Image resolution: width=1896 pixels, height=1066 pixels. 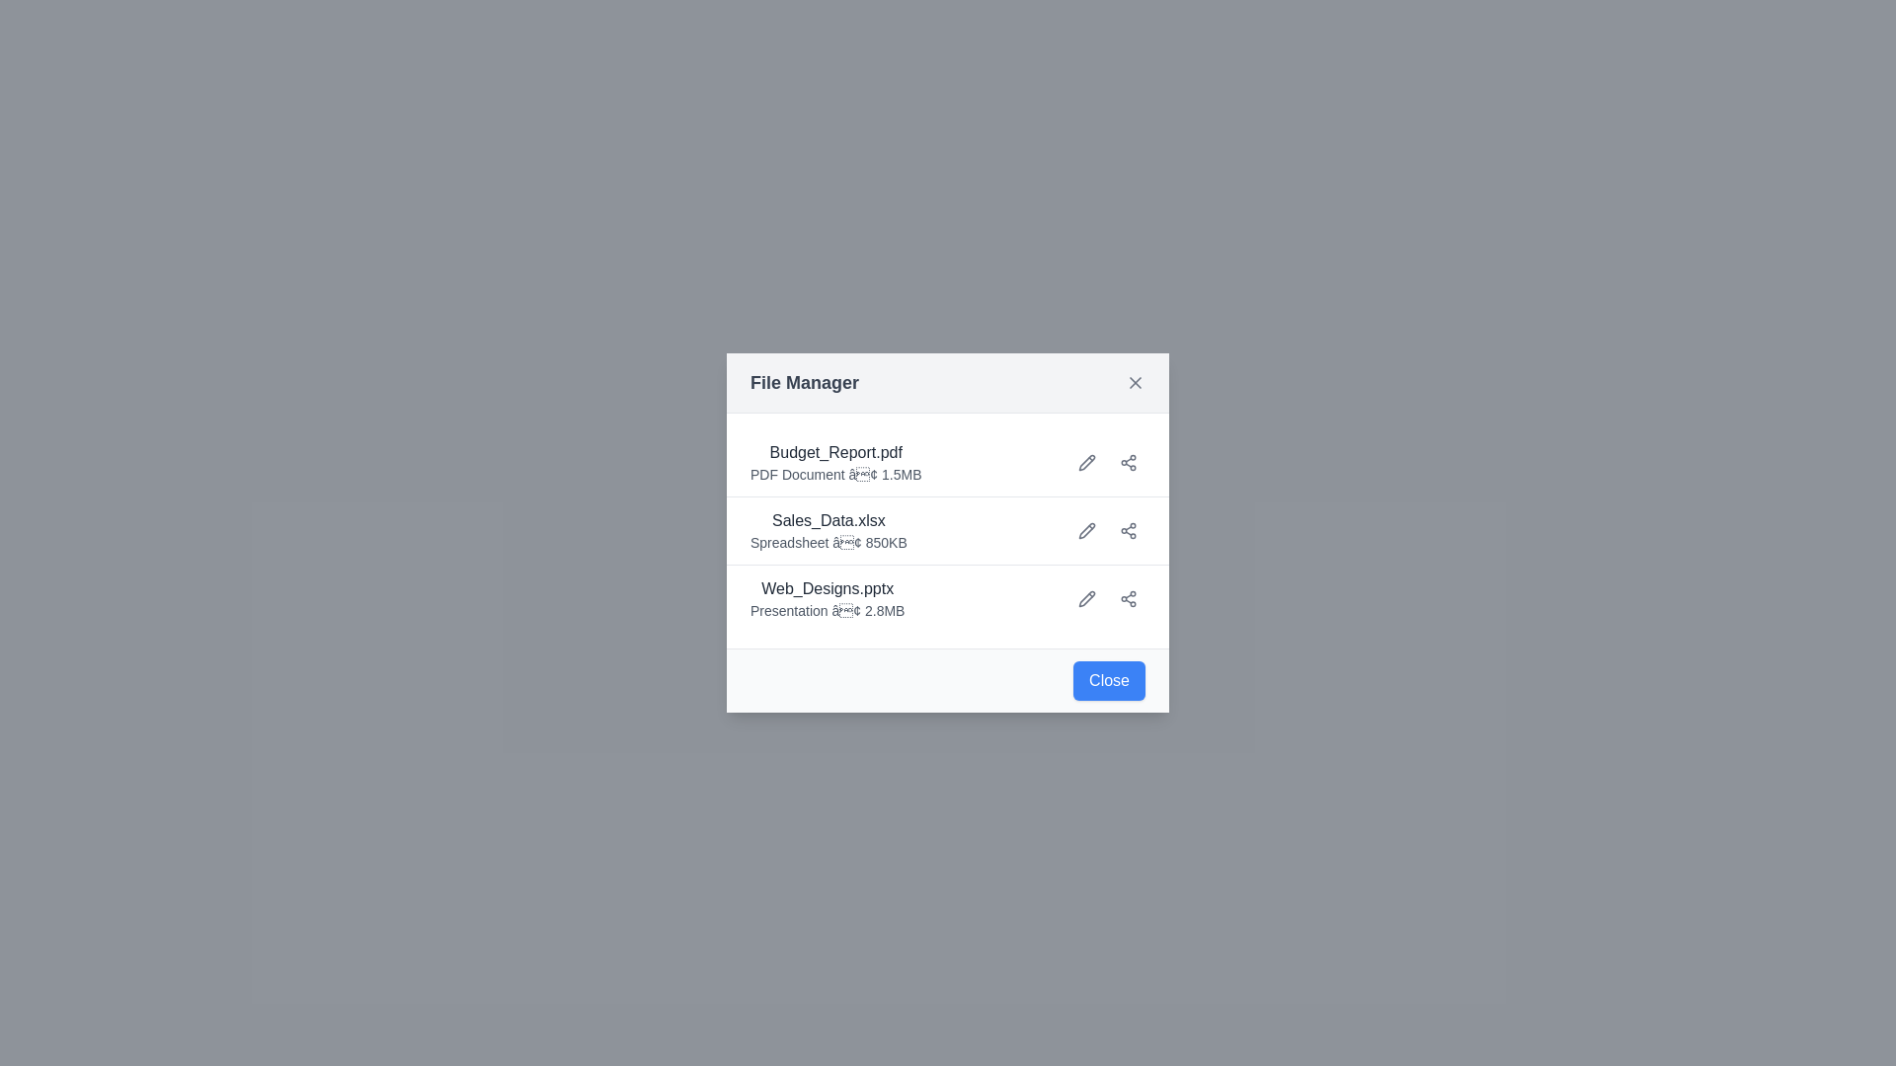 What do you see at coordinates (829, 529) in the screenshot?
I see `the file entry Sales_Data.xlsx` at bounding box center [829, 529].